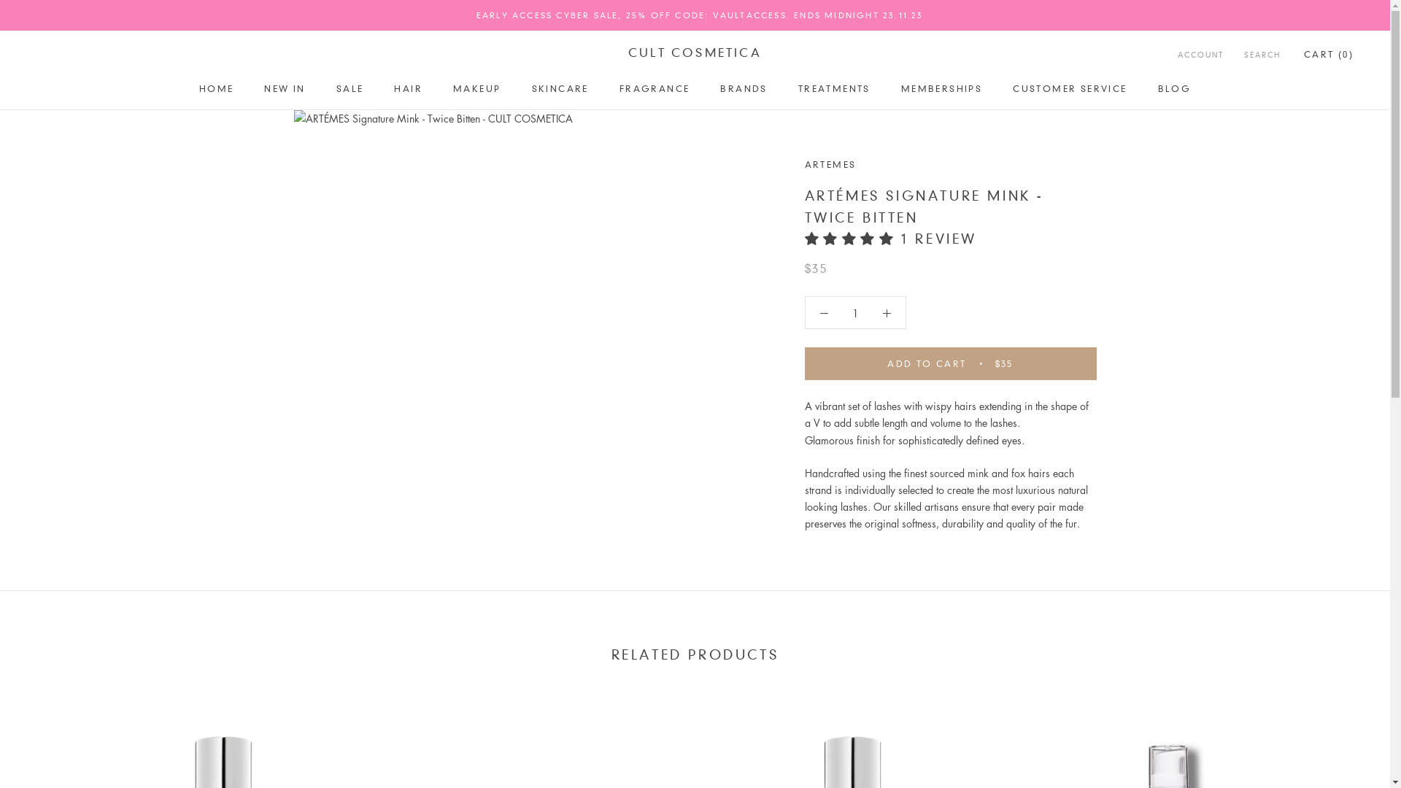 This screenshot has height=788, width=1401. Describe the element at coordinates (941, 88) in the screenshot. I see `'MEMBERSHIPS'` at that location.